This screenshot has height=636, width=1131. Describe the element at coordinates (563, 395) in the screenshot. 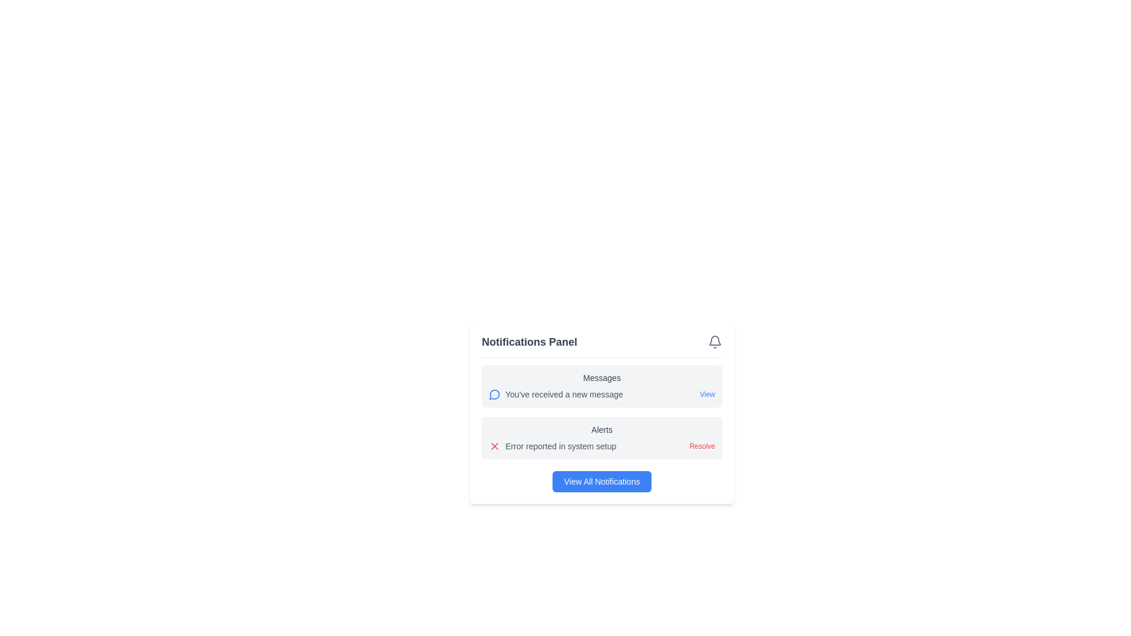

I see `text from the notification message label located under the 'Messages' section in the notification interface, positioned beside an icon and a 'View' button` at that location.